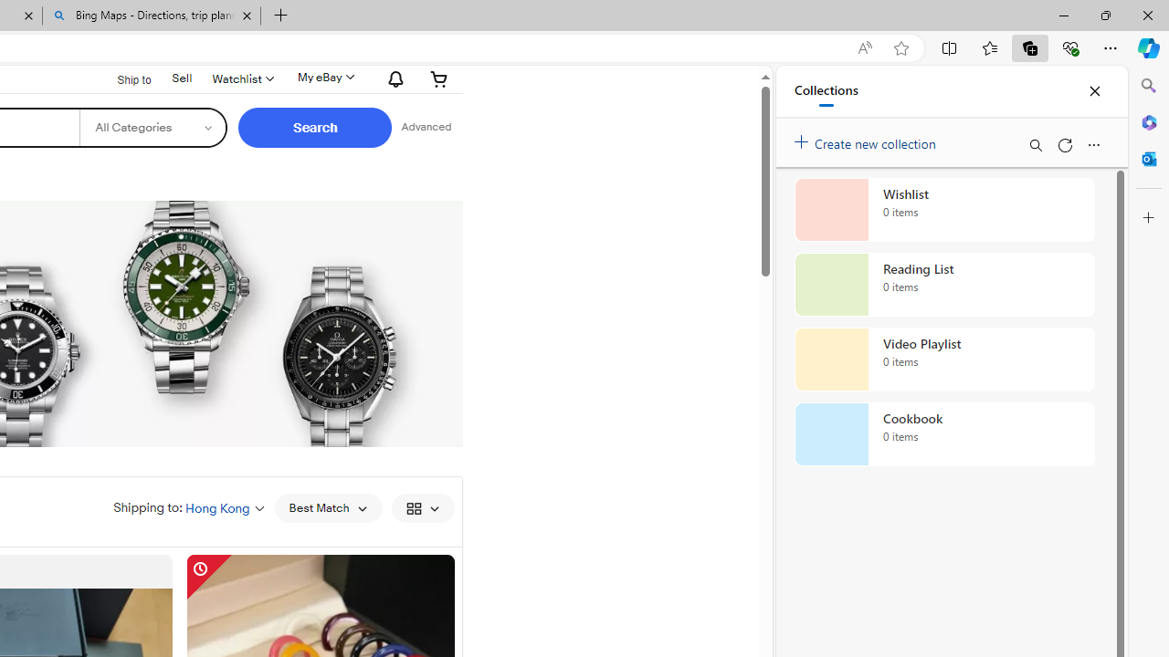 This screenshot has height=657, width=1169. I want to click on 'Select a category for search', so click(153, 127).